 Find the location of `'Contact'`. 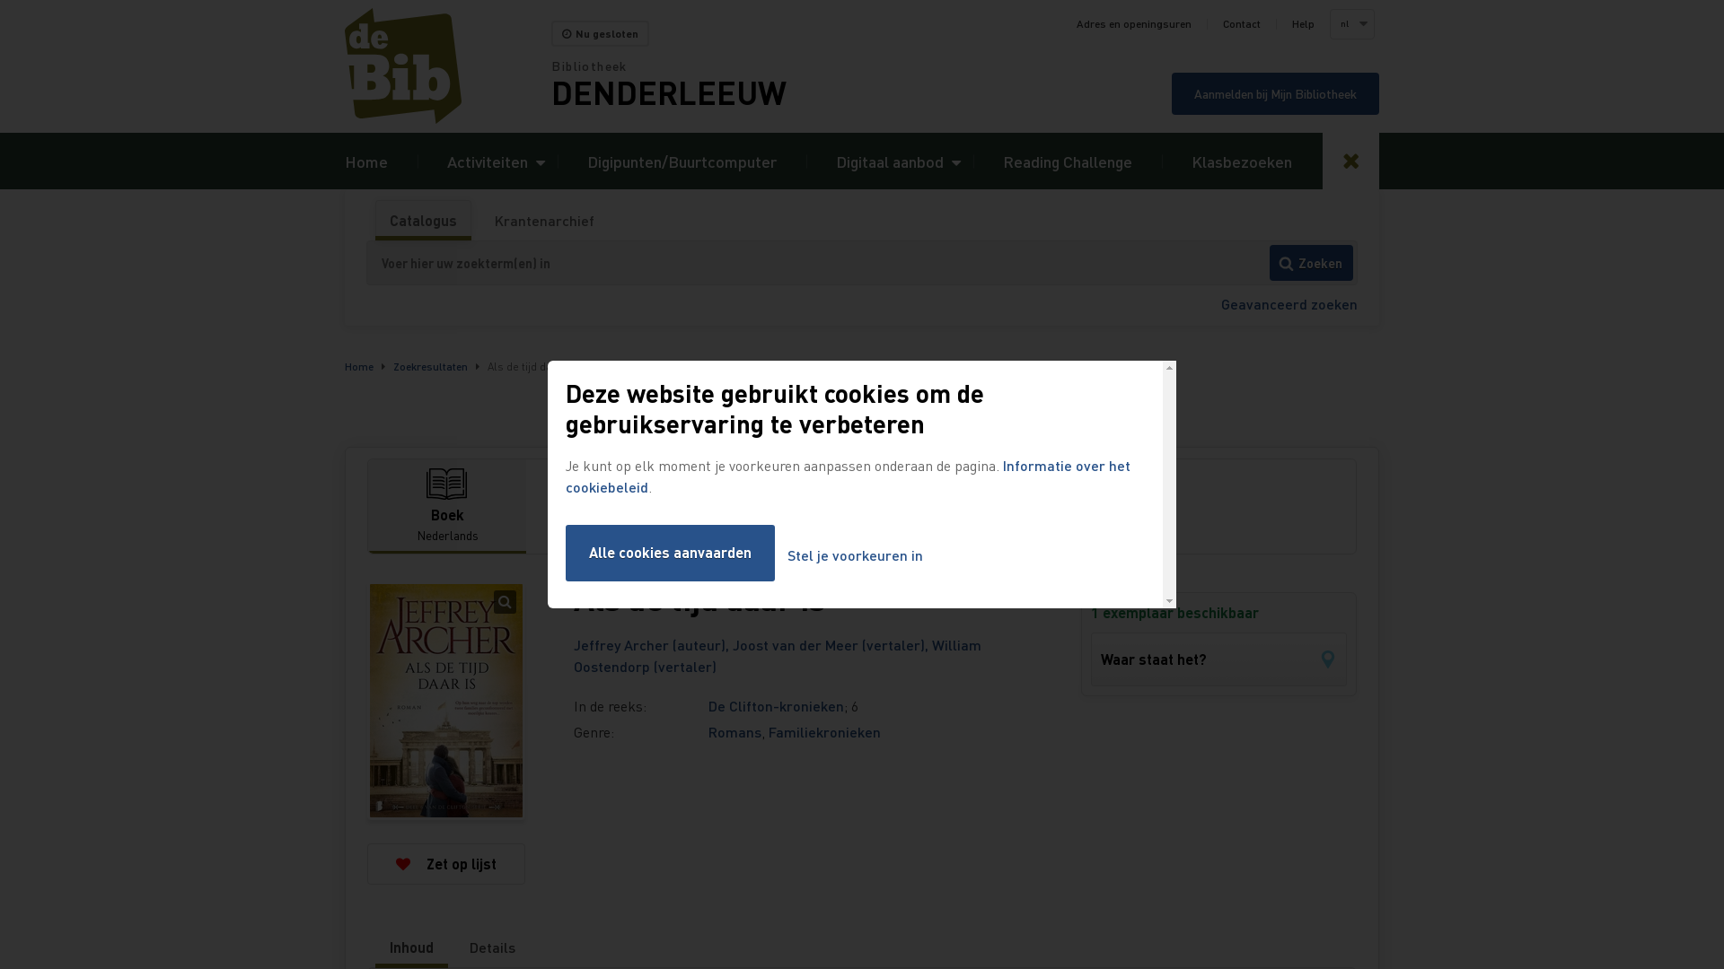

'Contact' is located at coordinates (1240, 24).